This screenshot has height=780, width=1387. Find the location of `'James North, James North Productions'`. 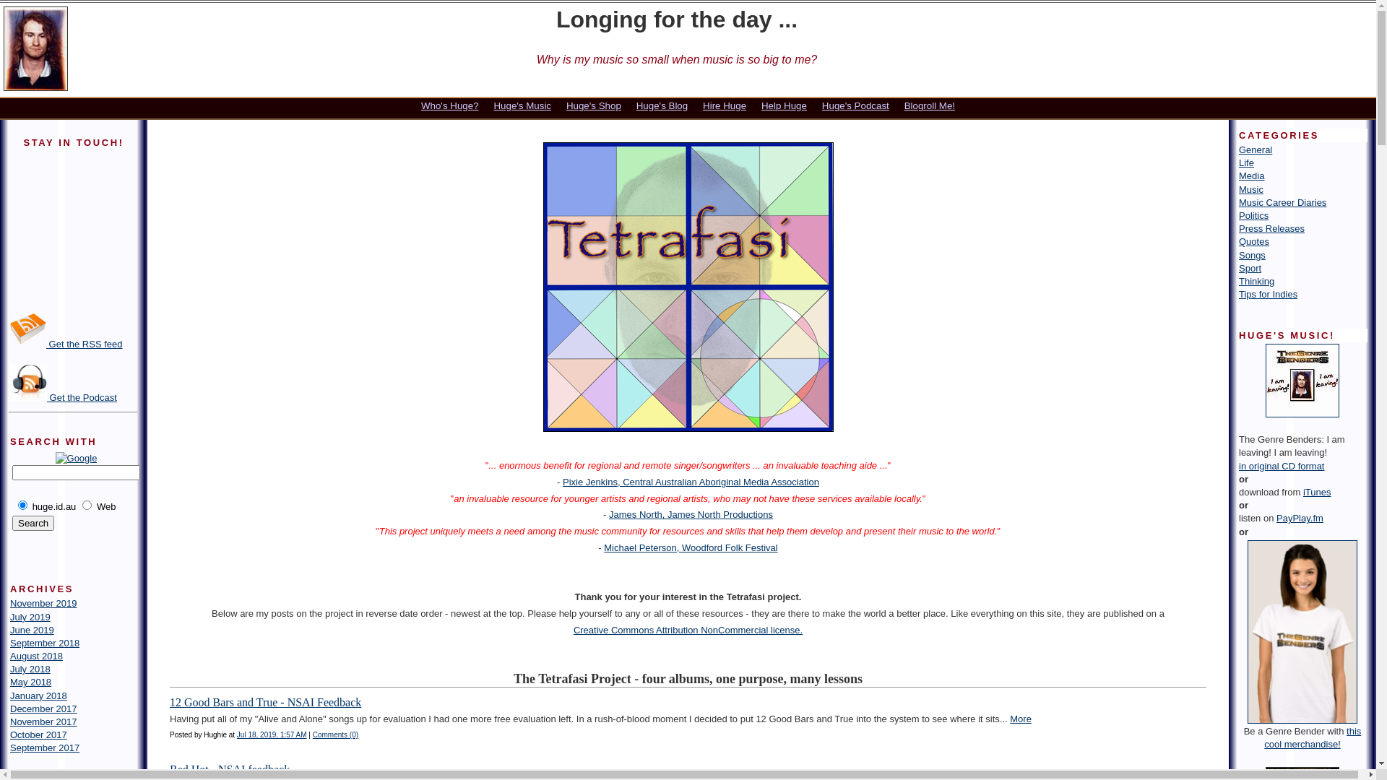

'James North, James North Productions' is located at coordinates (690, 513).